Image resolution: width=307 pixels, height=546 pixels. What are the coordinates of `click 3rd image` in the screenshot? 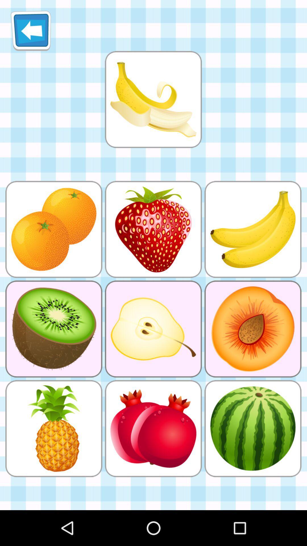 It's located at (153, 99).